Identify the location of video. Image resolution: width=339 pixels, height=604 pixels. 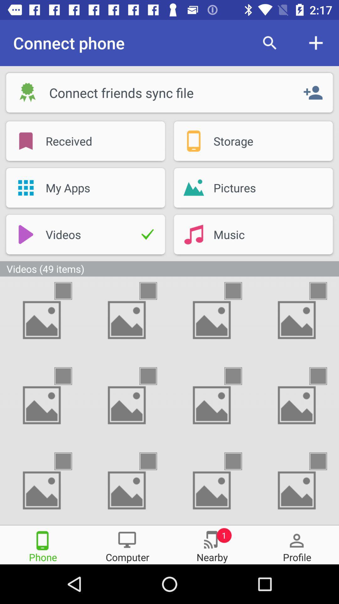
(324, 290).